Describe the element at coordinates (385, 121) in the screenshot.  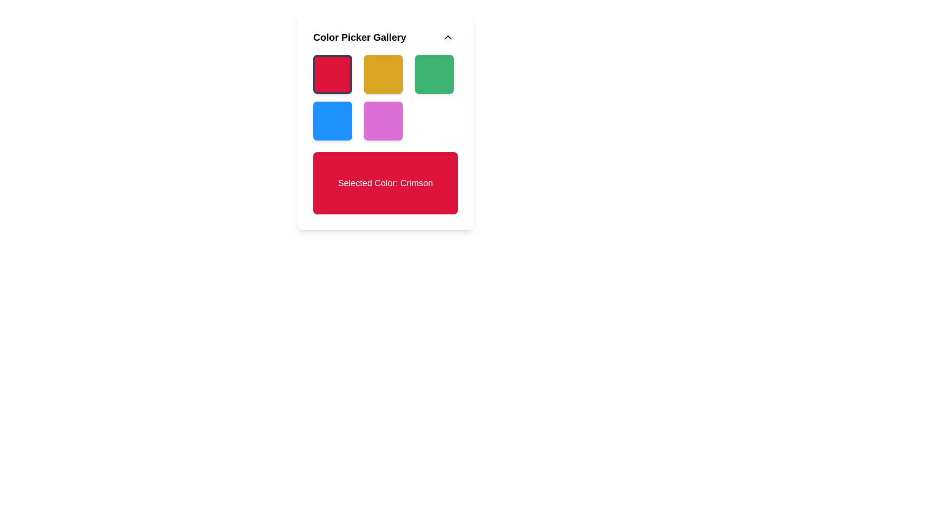
I see `the pink selectable color box located in the second row and second column of the grid` at that location.